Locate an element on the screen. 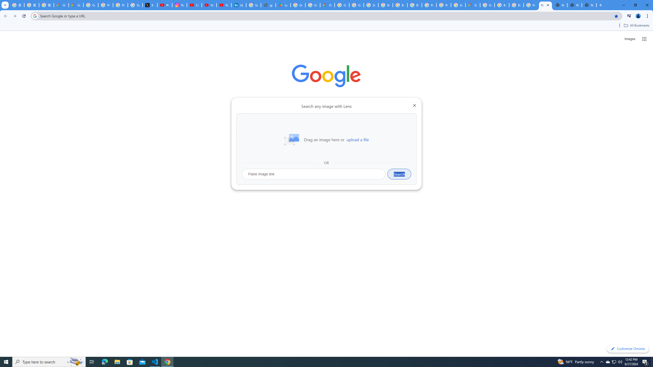 The image size is (653, 367). 'Identity verification via Persona | LinkedIn Help' is located at coordinates (238, 5).